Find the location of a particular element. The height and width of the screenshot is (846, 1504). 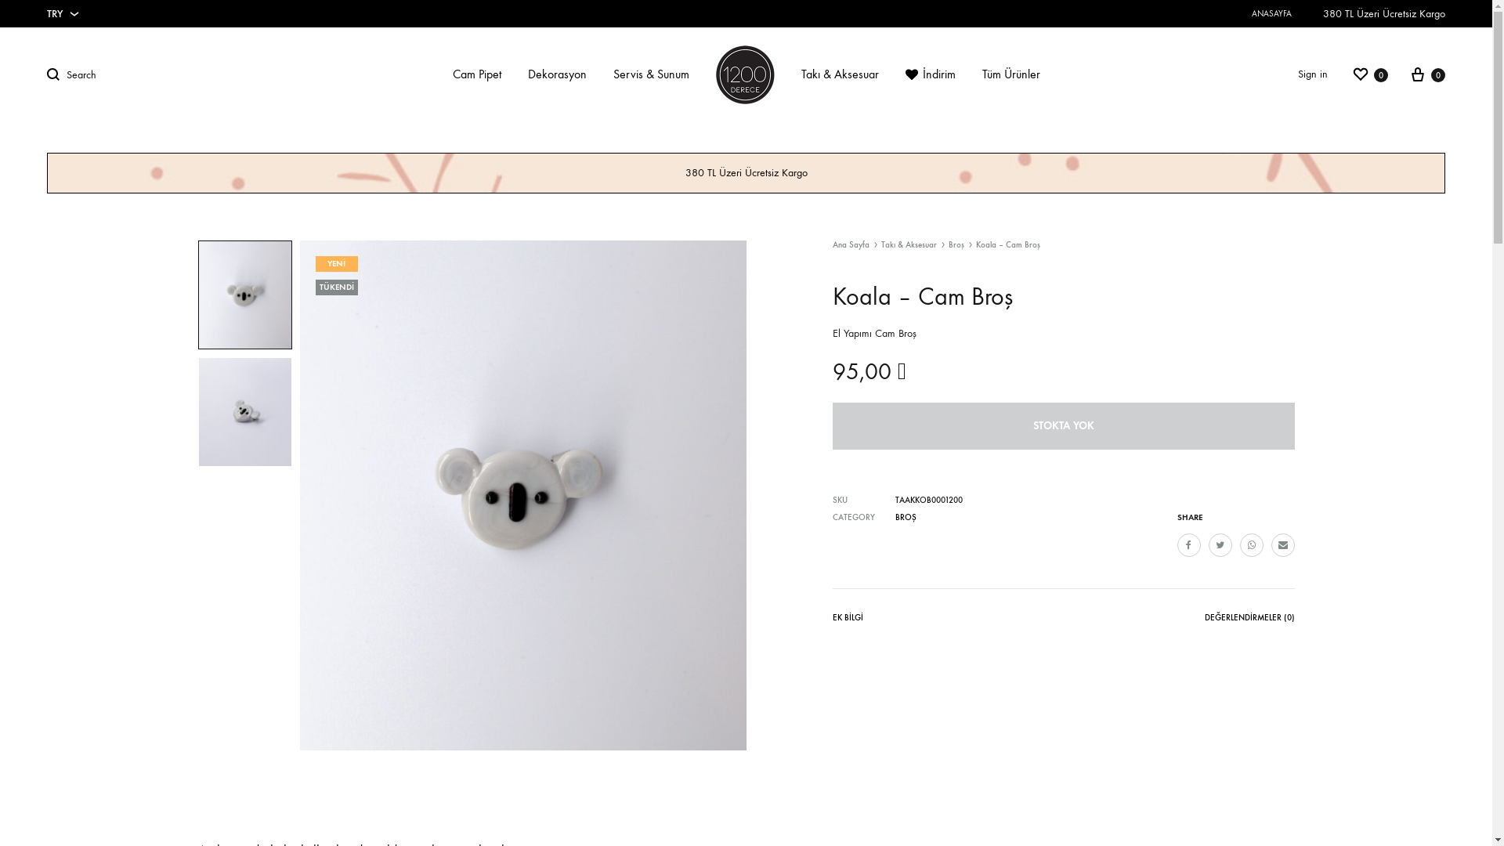

'EK BILGI' is located at coordinates (846, 620).